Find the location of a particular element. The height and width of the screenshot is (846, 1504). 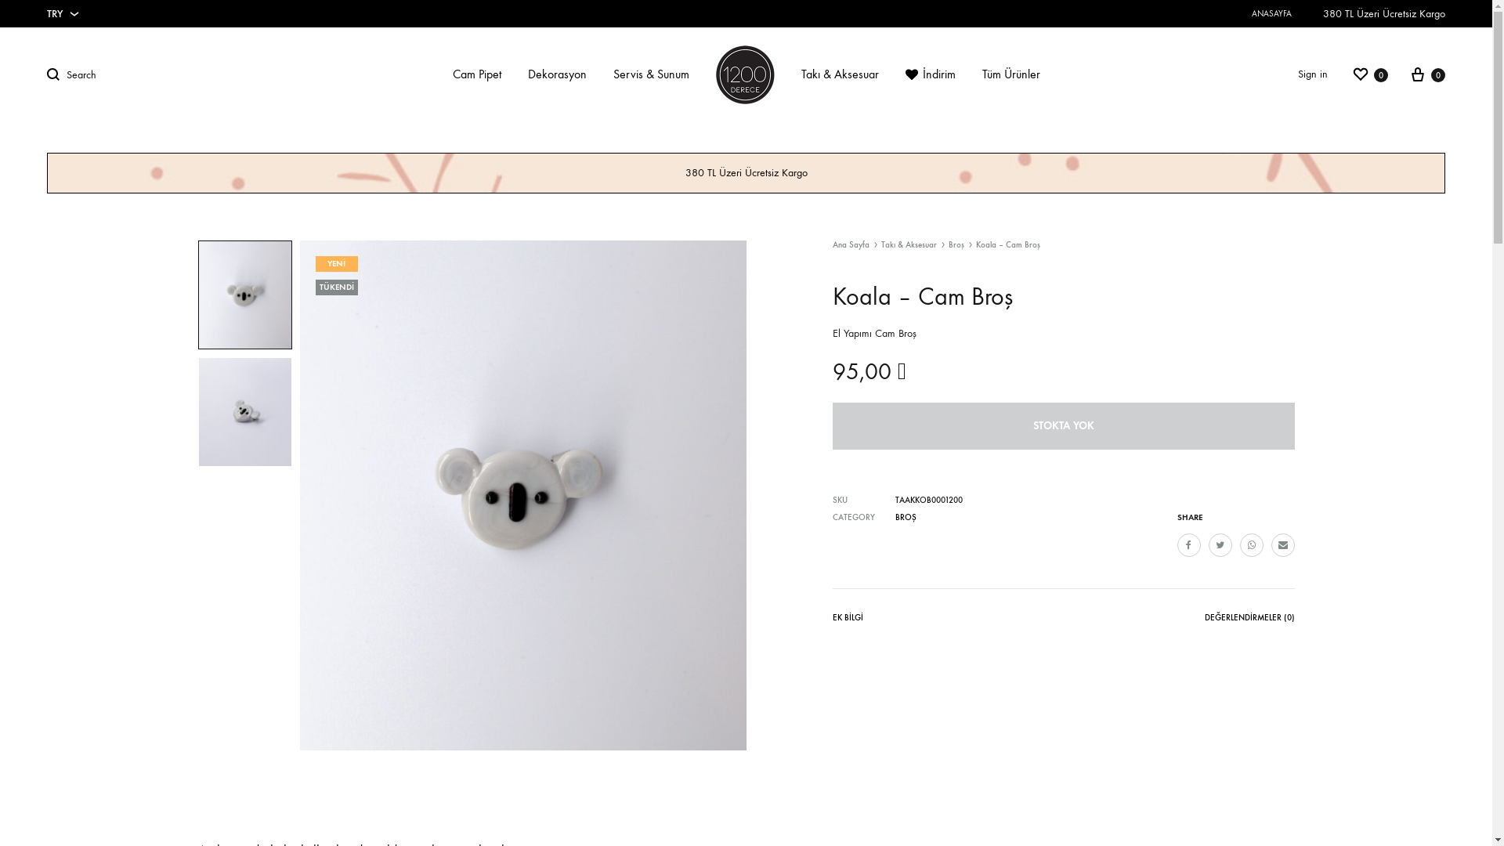

'EK BILGI' is located at coordinates (846, 620).